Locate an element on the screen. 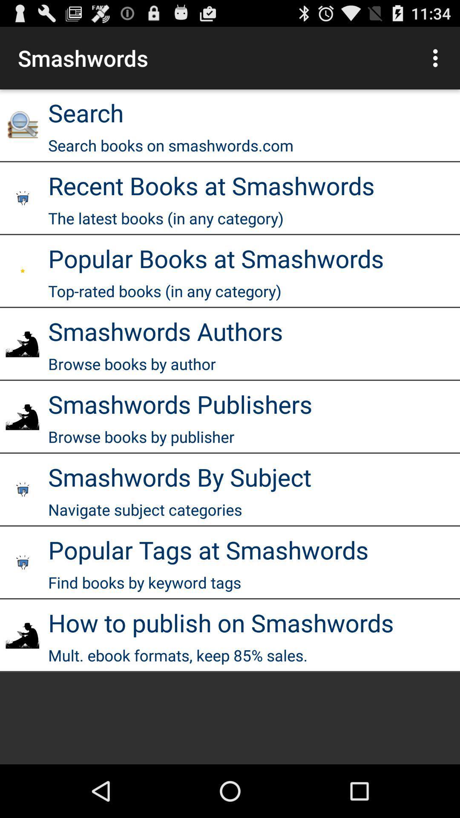 This screenshot has width=460, height=818. app below the search is located at coordinates (171, 145).